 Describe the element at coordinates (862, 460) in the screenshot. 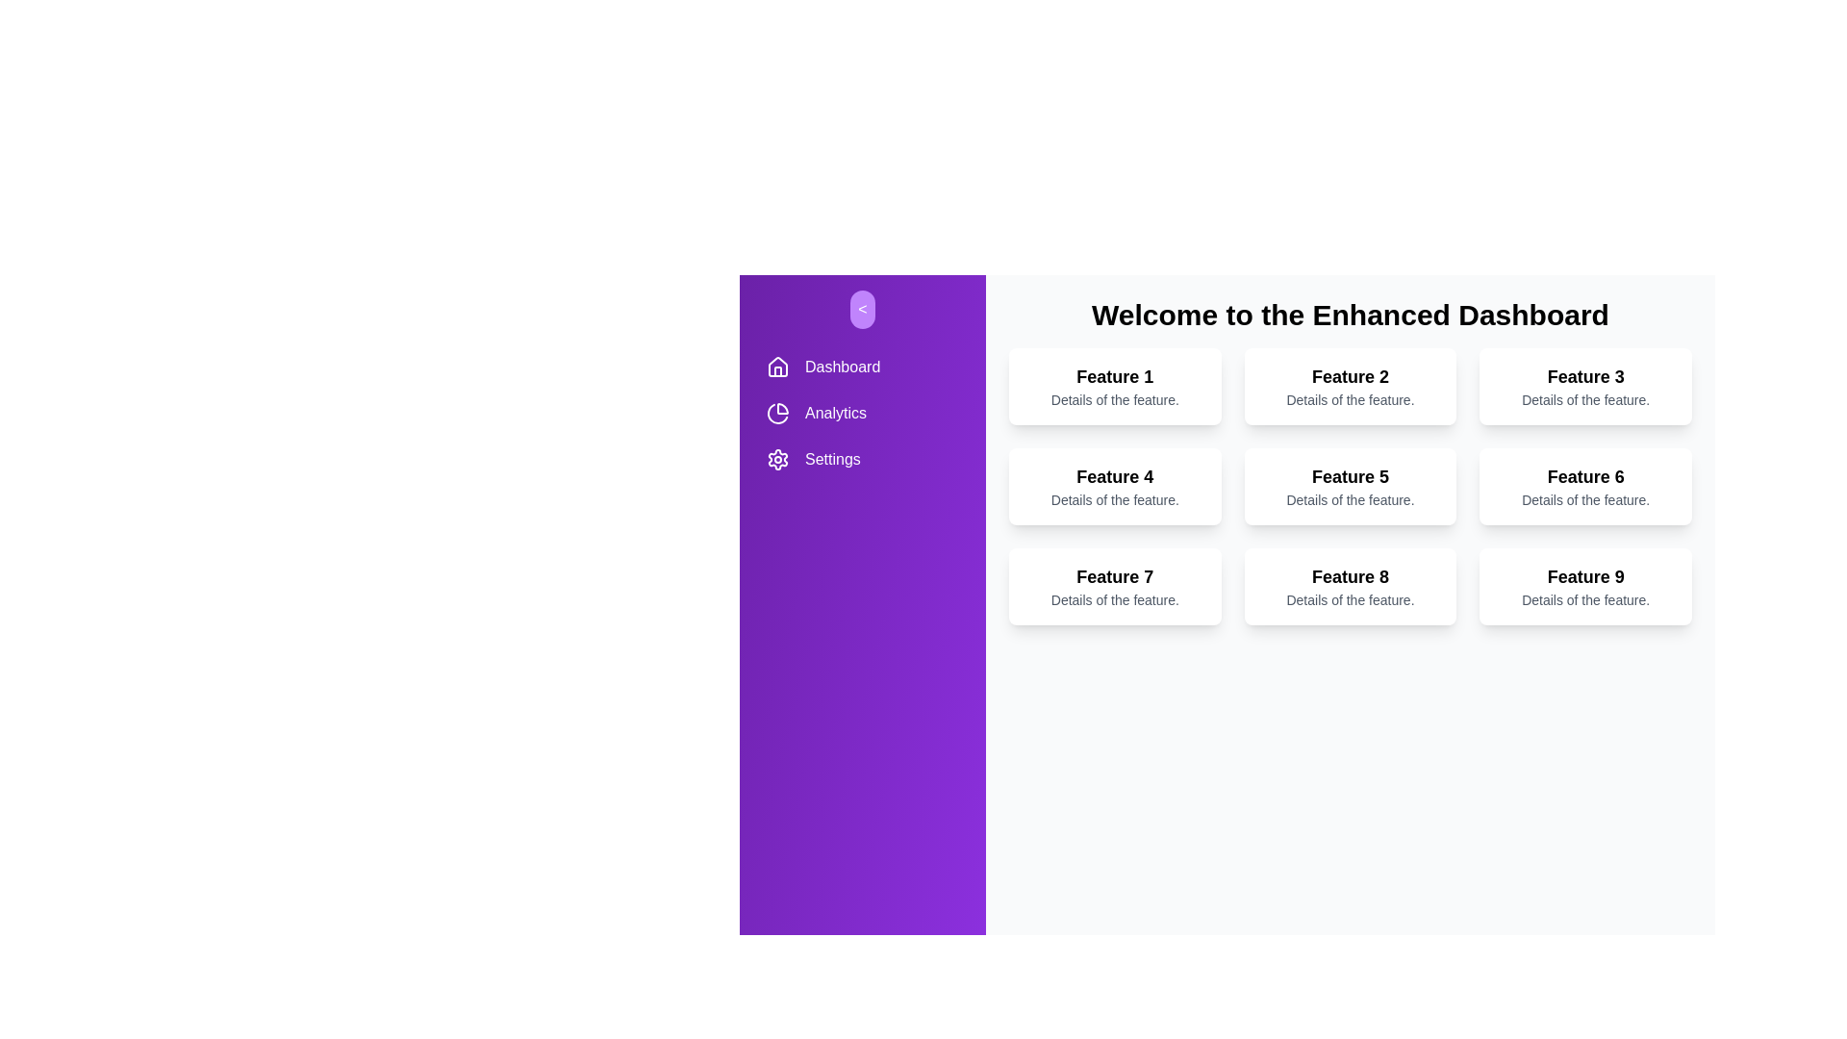

I see `the navigation item Settings` at that location.